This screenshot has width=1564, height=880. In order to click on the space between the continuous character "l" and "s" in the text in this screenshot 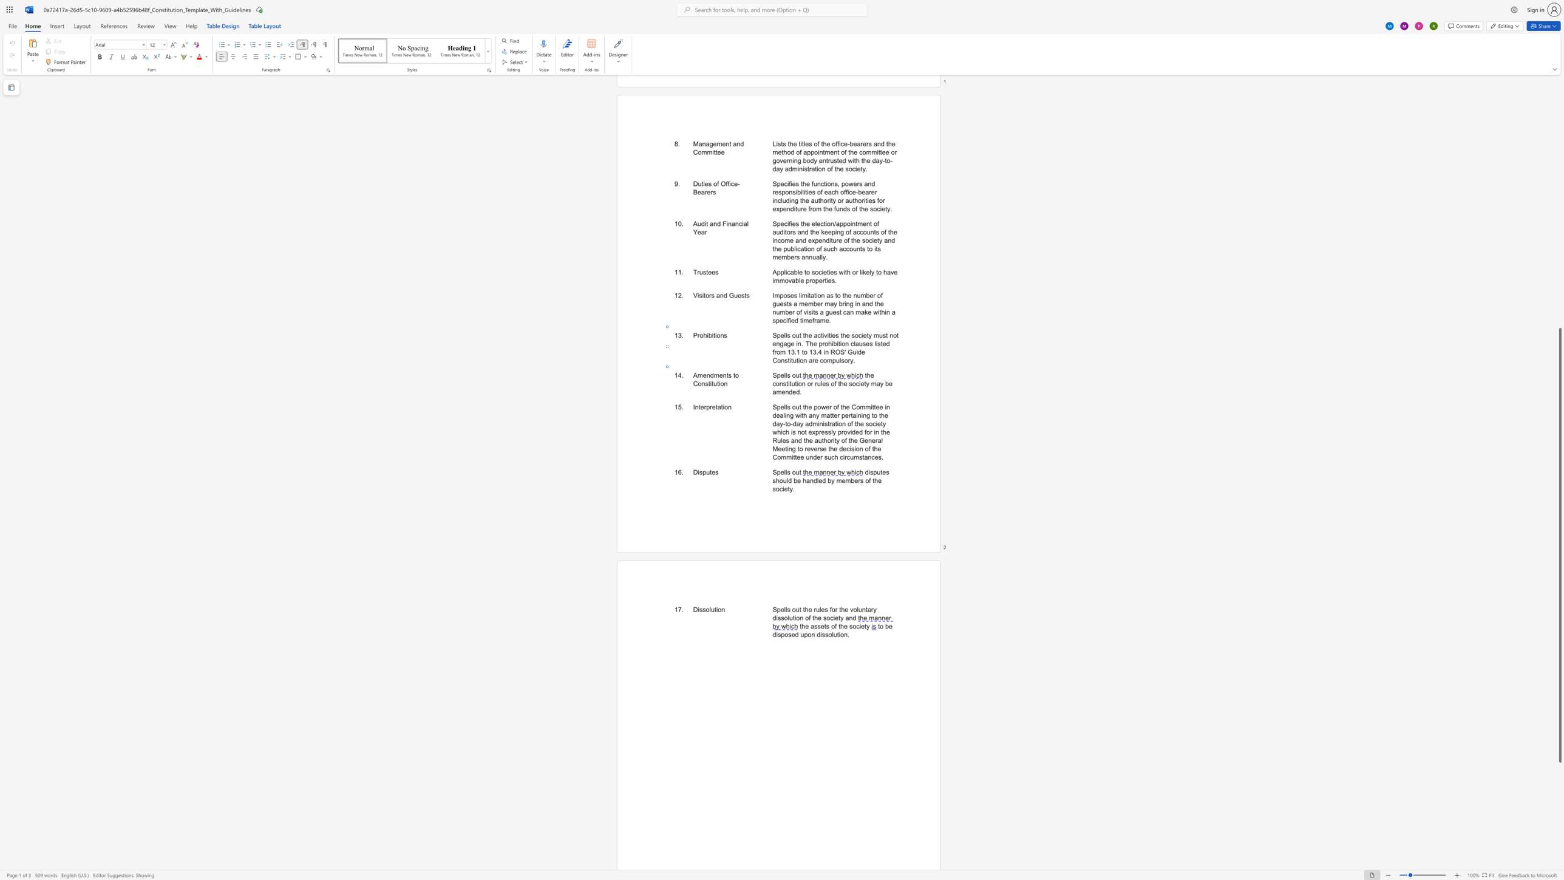, I will do `click(787, 471)`.